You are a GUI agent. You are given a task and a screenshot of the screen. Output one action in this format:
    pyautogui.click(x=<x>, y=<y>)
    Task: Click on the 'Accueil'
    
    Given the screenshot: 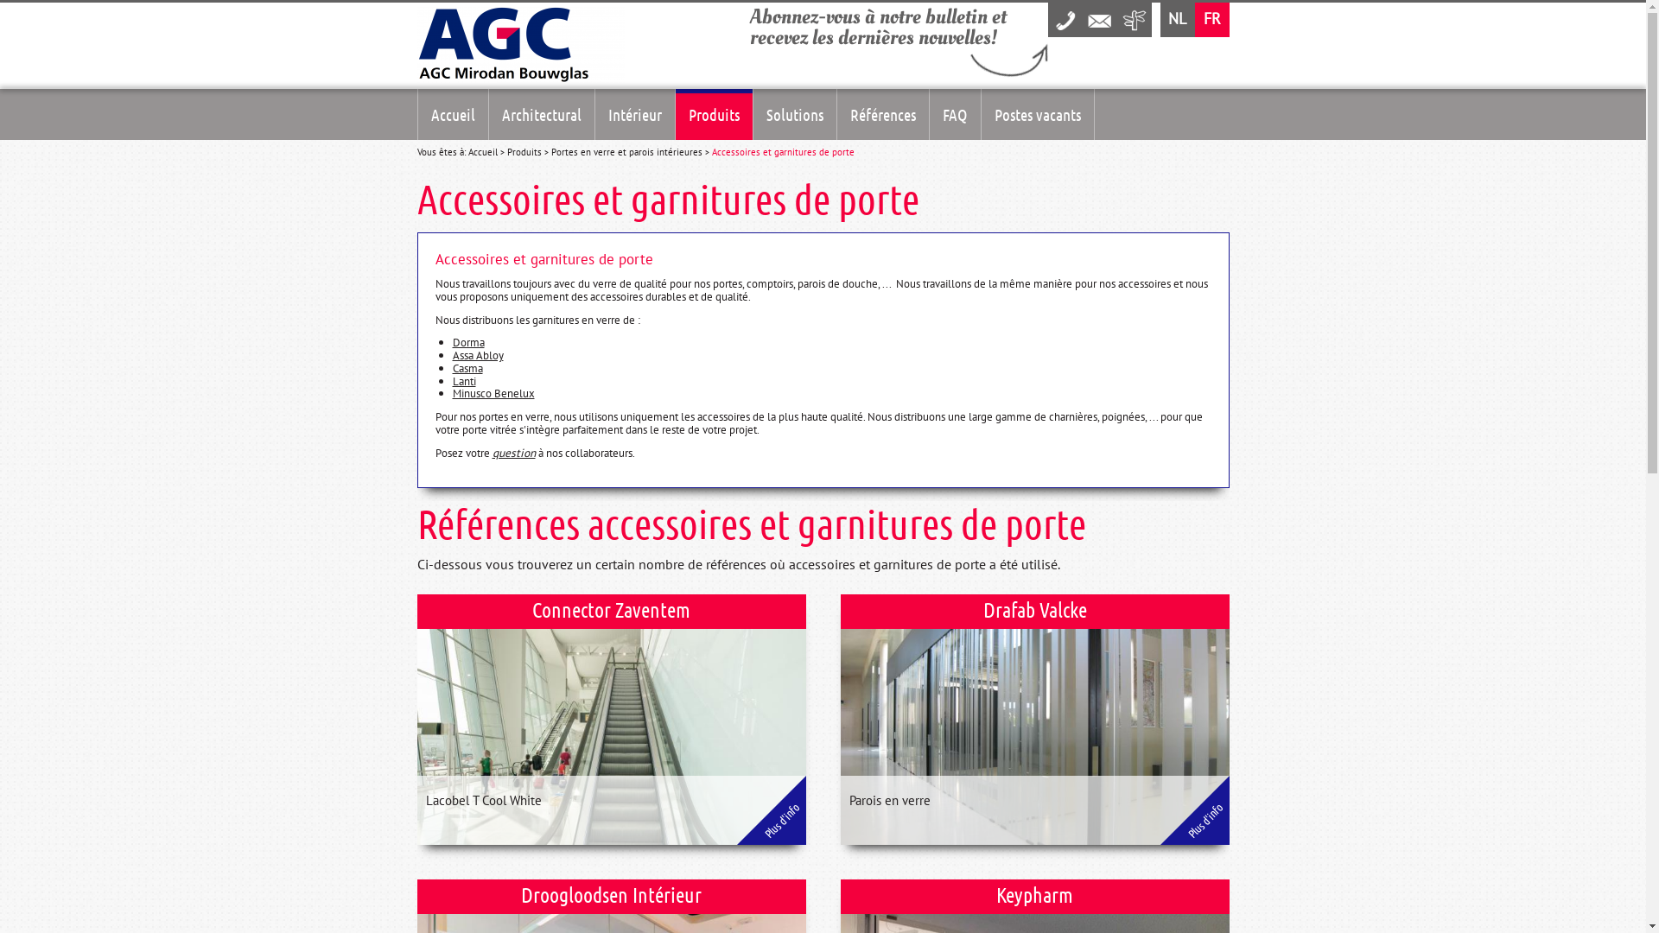 What is the action you would take?
    pyautogui.click(x=453, y=114)
    